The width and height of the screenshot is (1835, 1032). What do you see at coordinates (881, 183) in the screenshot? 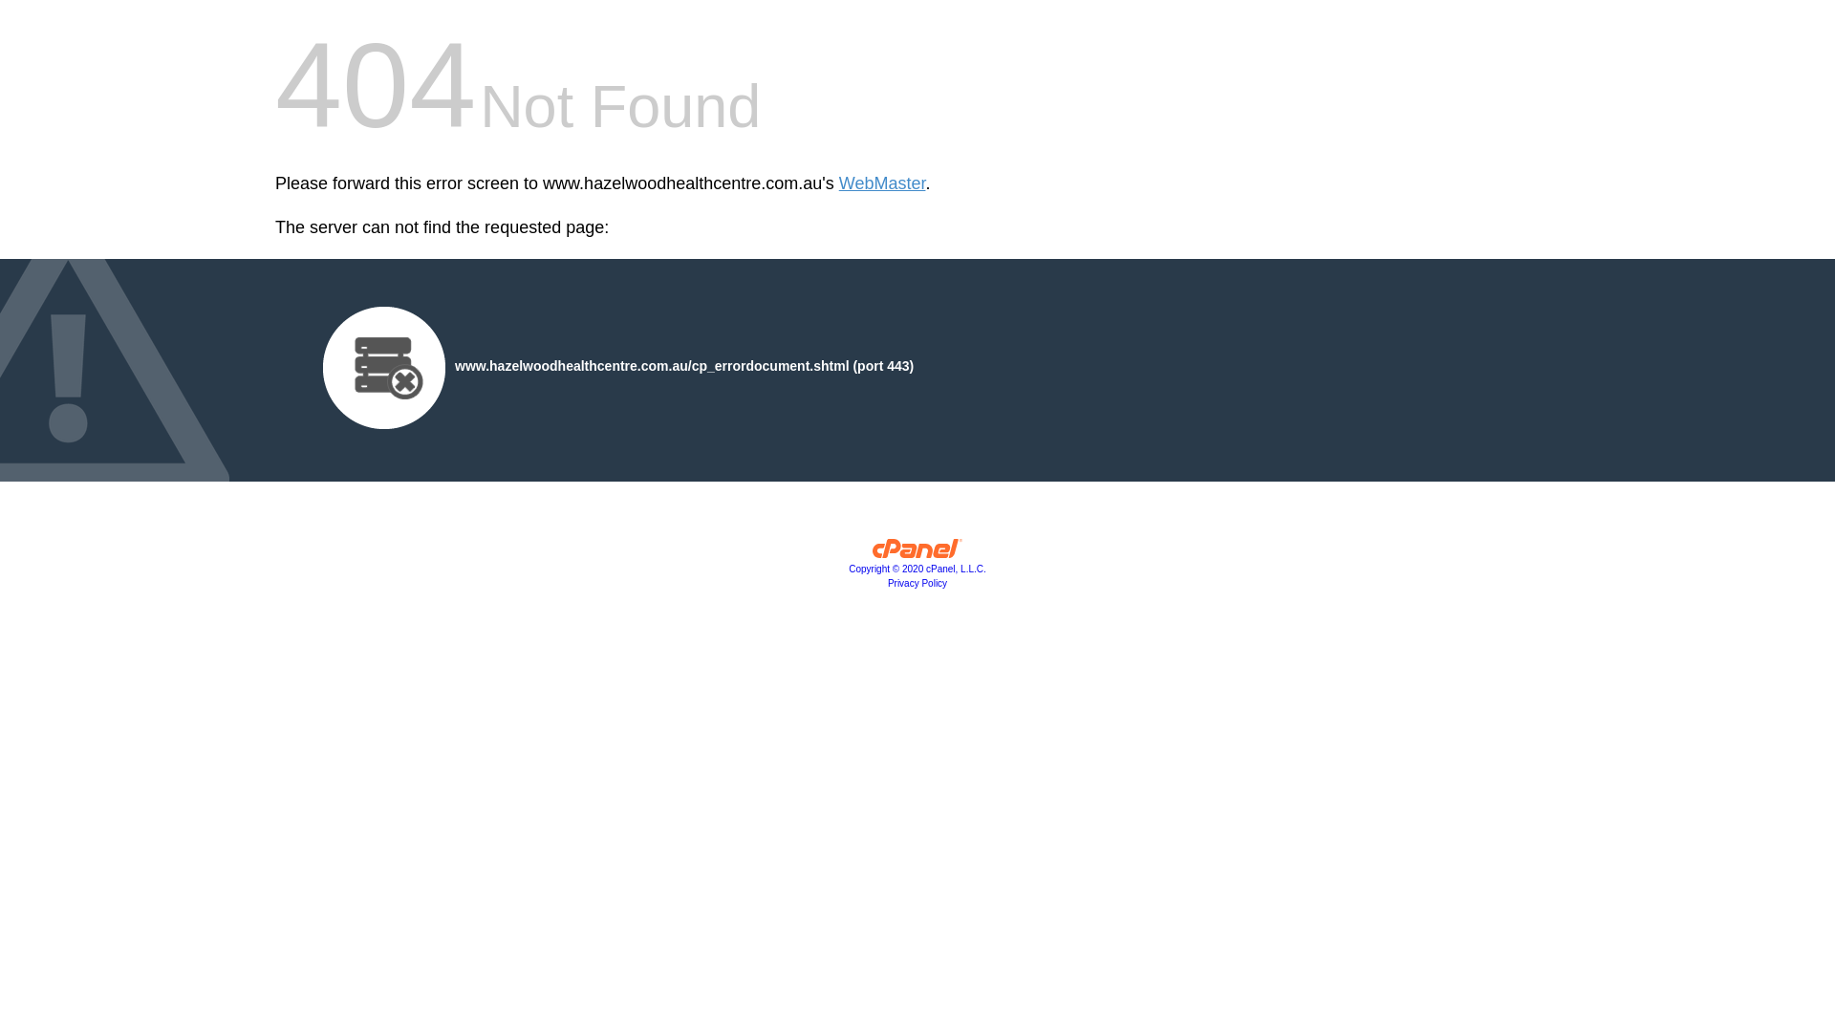
I see `'WebMaster'` at bounding box center [881, 183].